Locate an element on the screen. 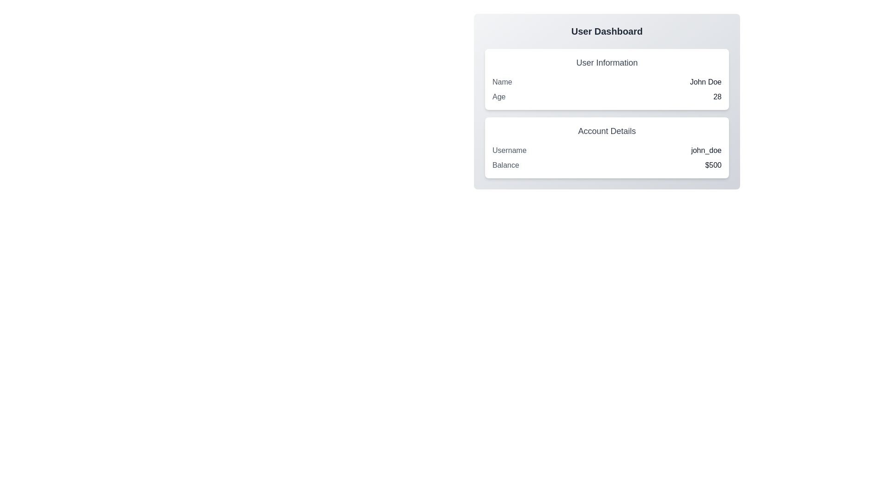  the text label displaying 'Name' located at the beginning of the row in the 'User Information' section of the dashboard is located at coordinates (502, 81).